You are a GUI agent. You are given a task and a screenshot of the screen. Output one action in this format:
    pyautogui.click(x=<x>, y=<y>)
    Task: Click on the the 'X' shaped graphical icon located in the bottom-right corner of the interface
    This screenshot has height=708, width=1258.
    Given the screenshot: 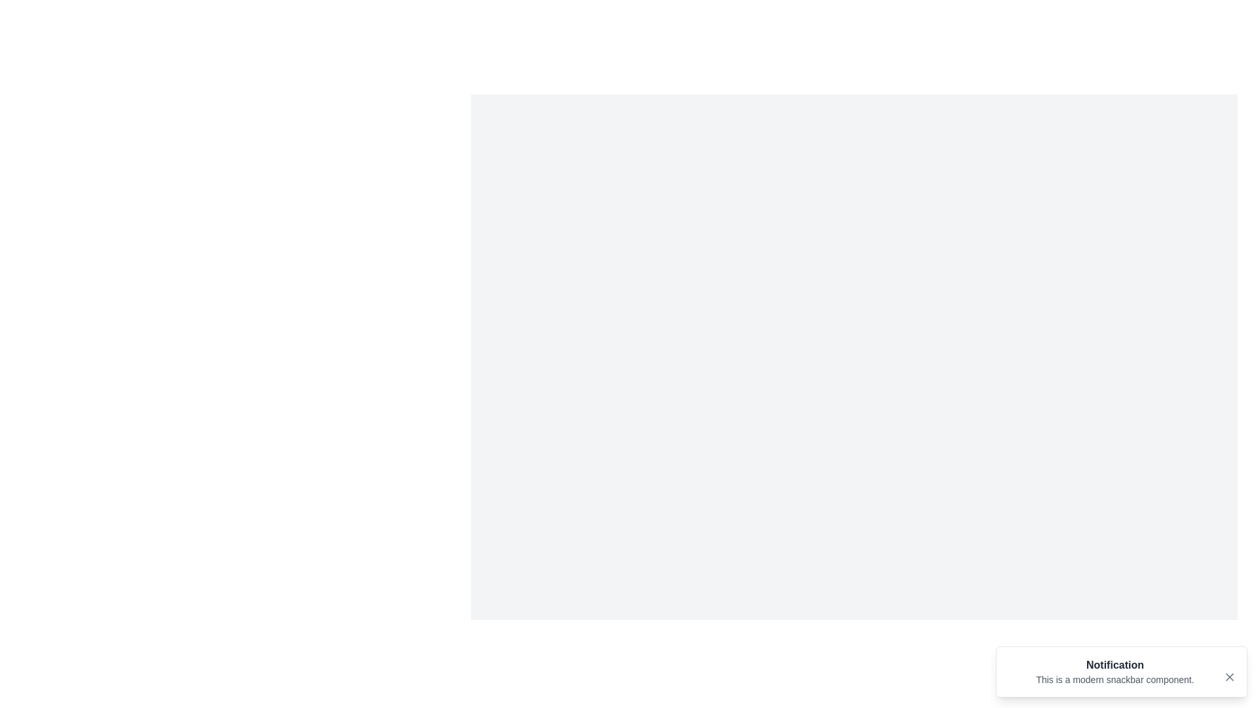 What is the action you would take?
    pyautogui.click(x=1229, y=677)
    